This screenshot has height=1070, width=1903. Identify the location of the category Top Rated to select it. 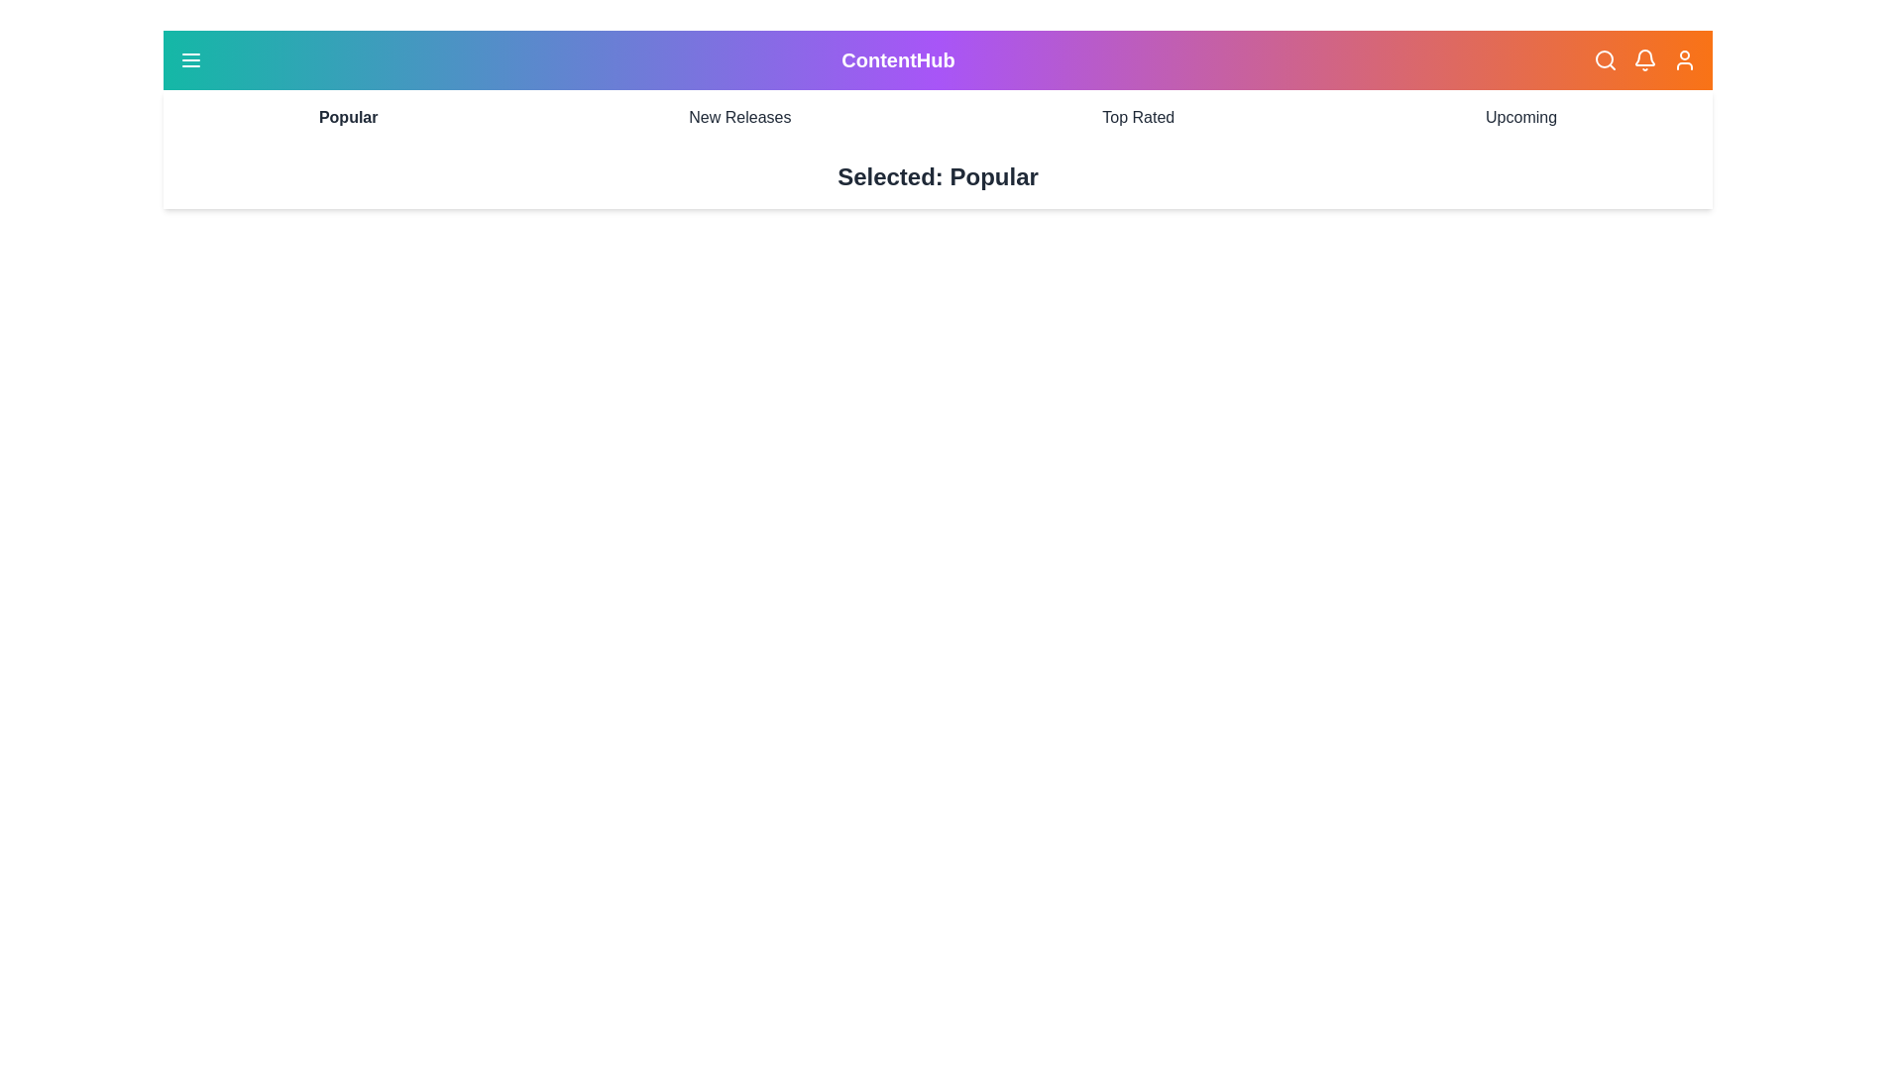
(1138, 118).